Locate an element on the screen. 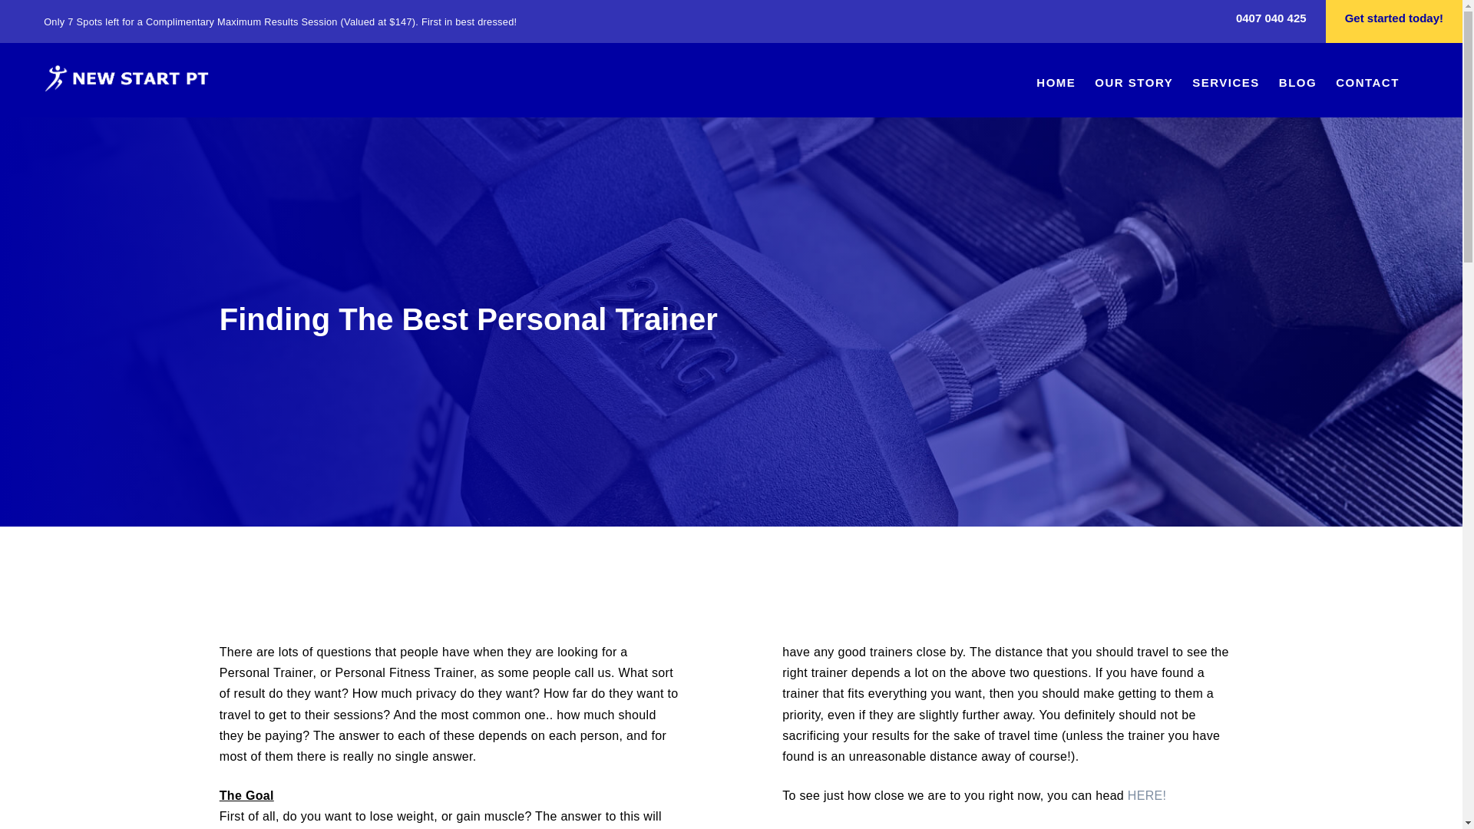  '0407 040 425' is located at coordinates (1271, 21).